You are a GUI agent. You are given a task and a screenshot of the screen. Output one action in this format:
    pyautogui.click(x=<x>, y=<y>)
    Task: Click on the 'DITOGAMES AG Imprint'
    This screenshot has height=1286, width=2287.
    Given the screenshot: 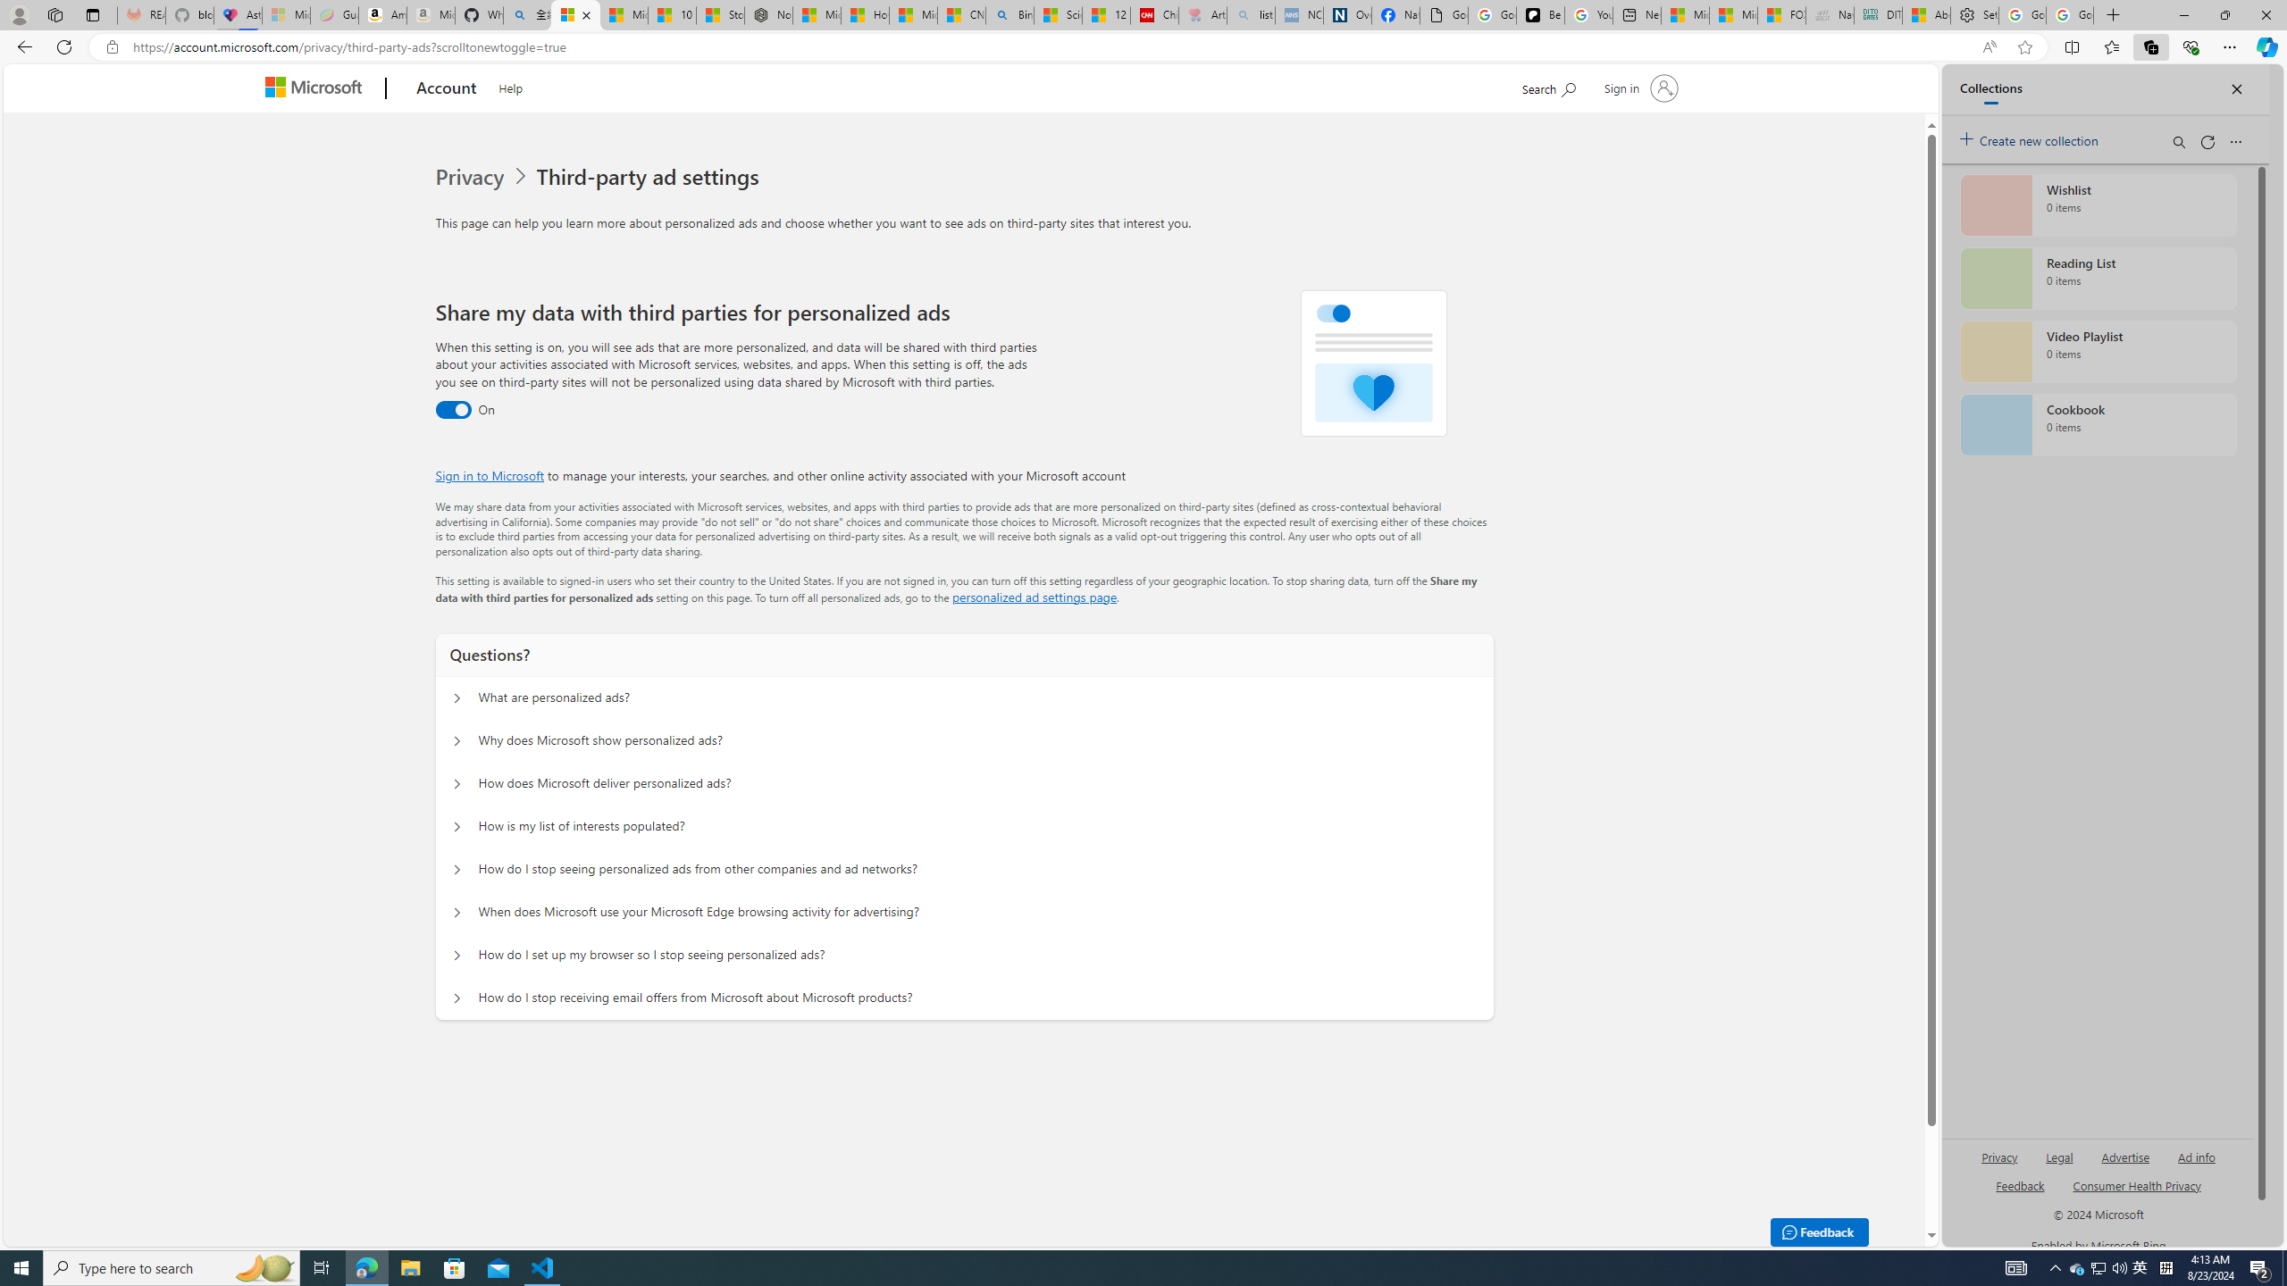 What is the action you would take?
    pyautogui.click(x=1876, y=14)
    